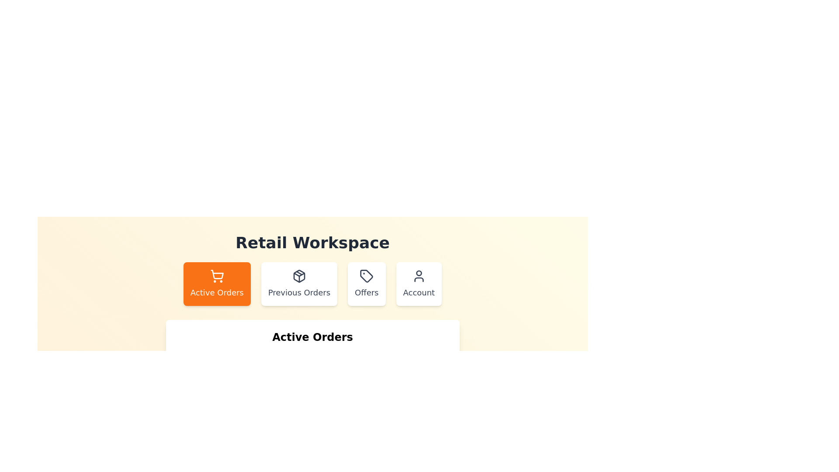  I want to click on the Account tab to switch to it, so click(418, 284).